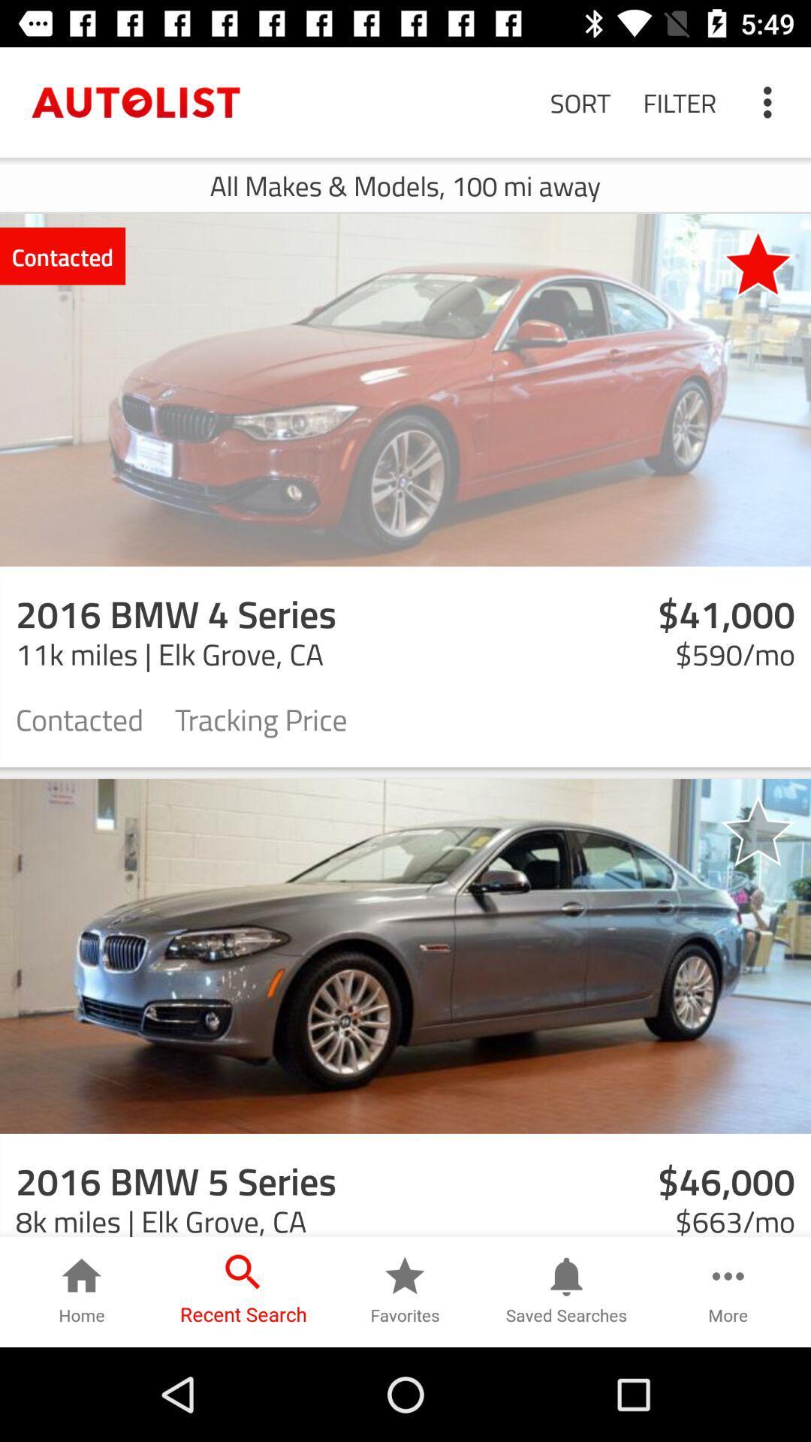 The image size is (811, 1442). Describe the element at coordinates (579, 101) in the screenshot. I see `the item next to filter item` at that location.